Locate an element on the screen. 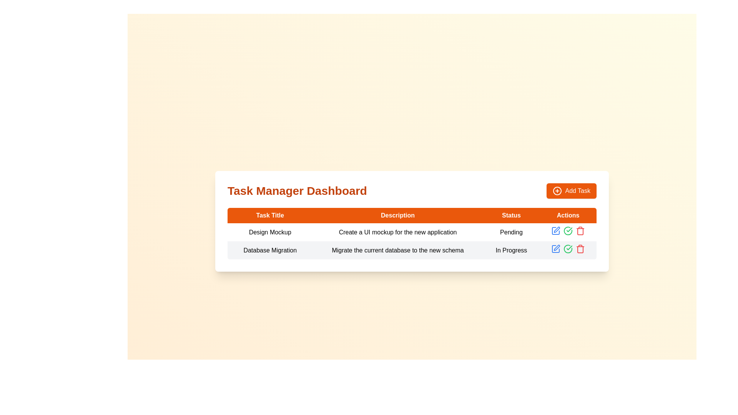  the 'Status' table header cell is located at coordinates (511, 215).